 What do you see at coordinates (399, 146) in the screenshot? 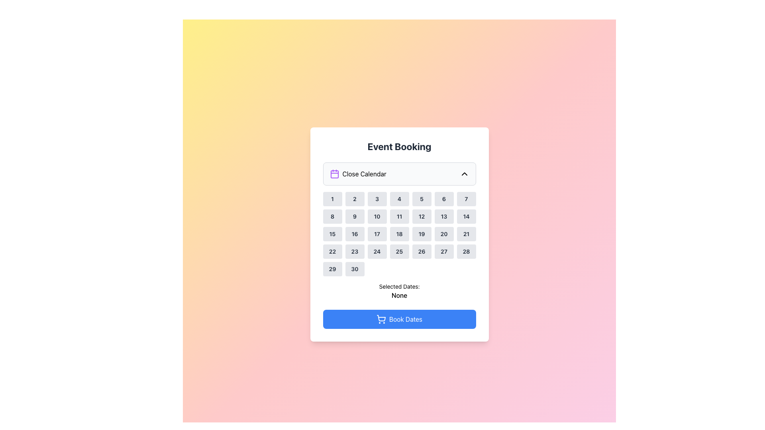
I see `the bold and large text label reading 'Event Booking', which is centered horizontally within a prominent white card interface` at bounding box center [399, 146].